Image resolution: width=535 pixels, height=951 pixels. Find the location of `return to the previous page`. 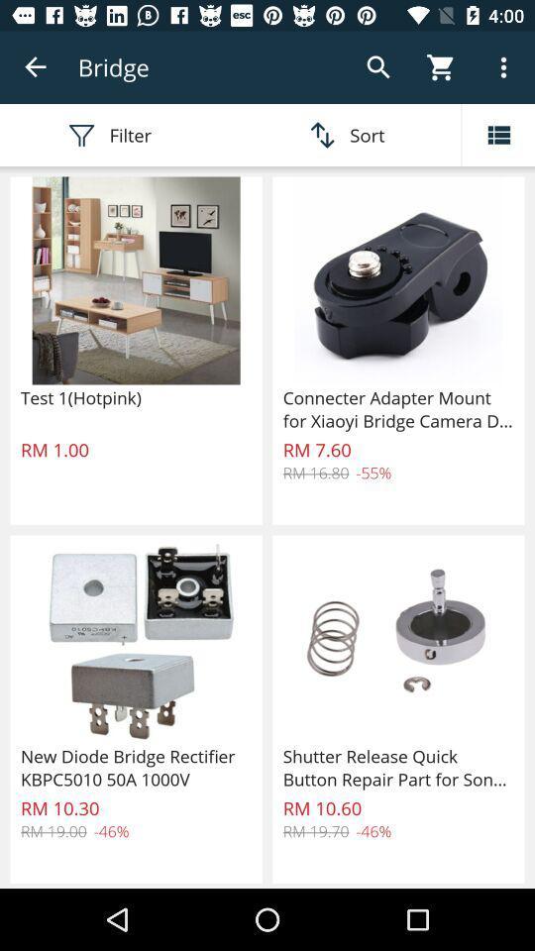

return to the previous page is located at coordinates (36, 67).